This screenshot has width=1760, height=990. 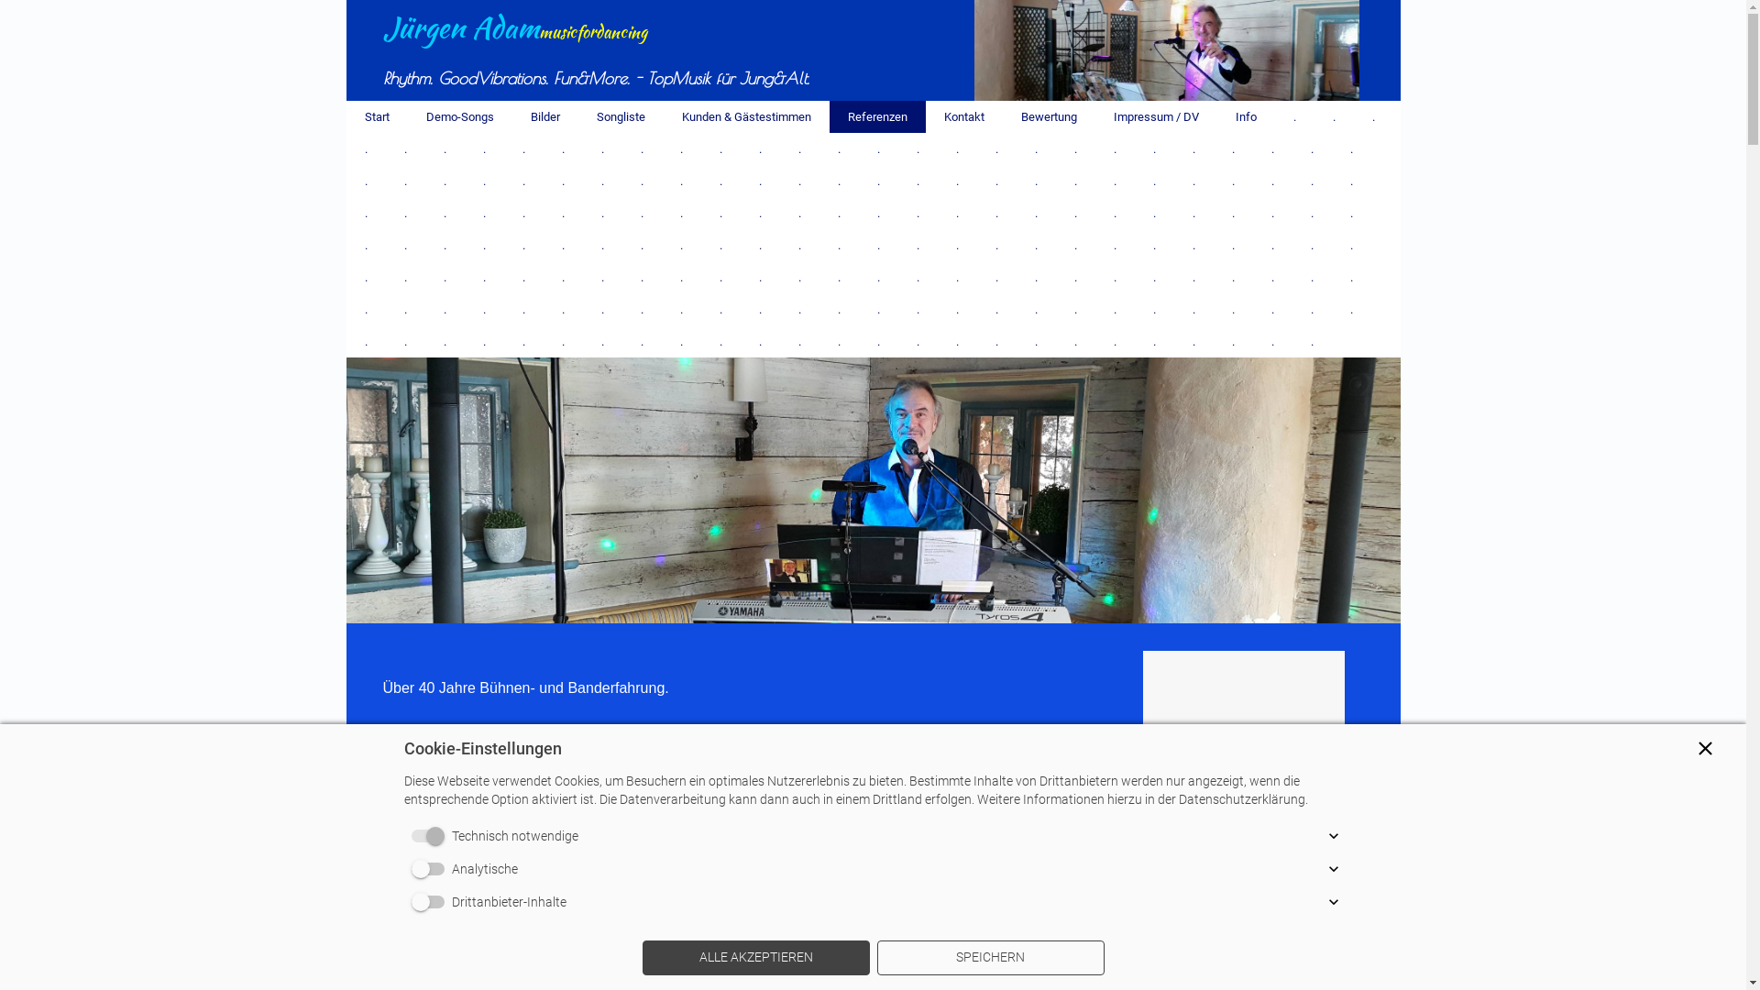 I want to click on 'Info', so click(x=1246, y=116).